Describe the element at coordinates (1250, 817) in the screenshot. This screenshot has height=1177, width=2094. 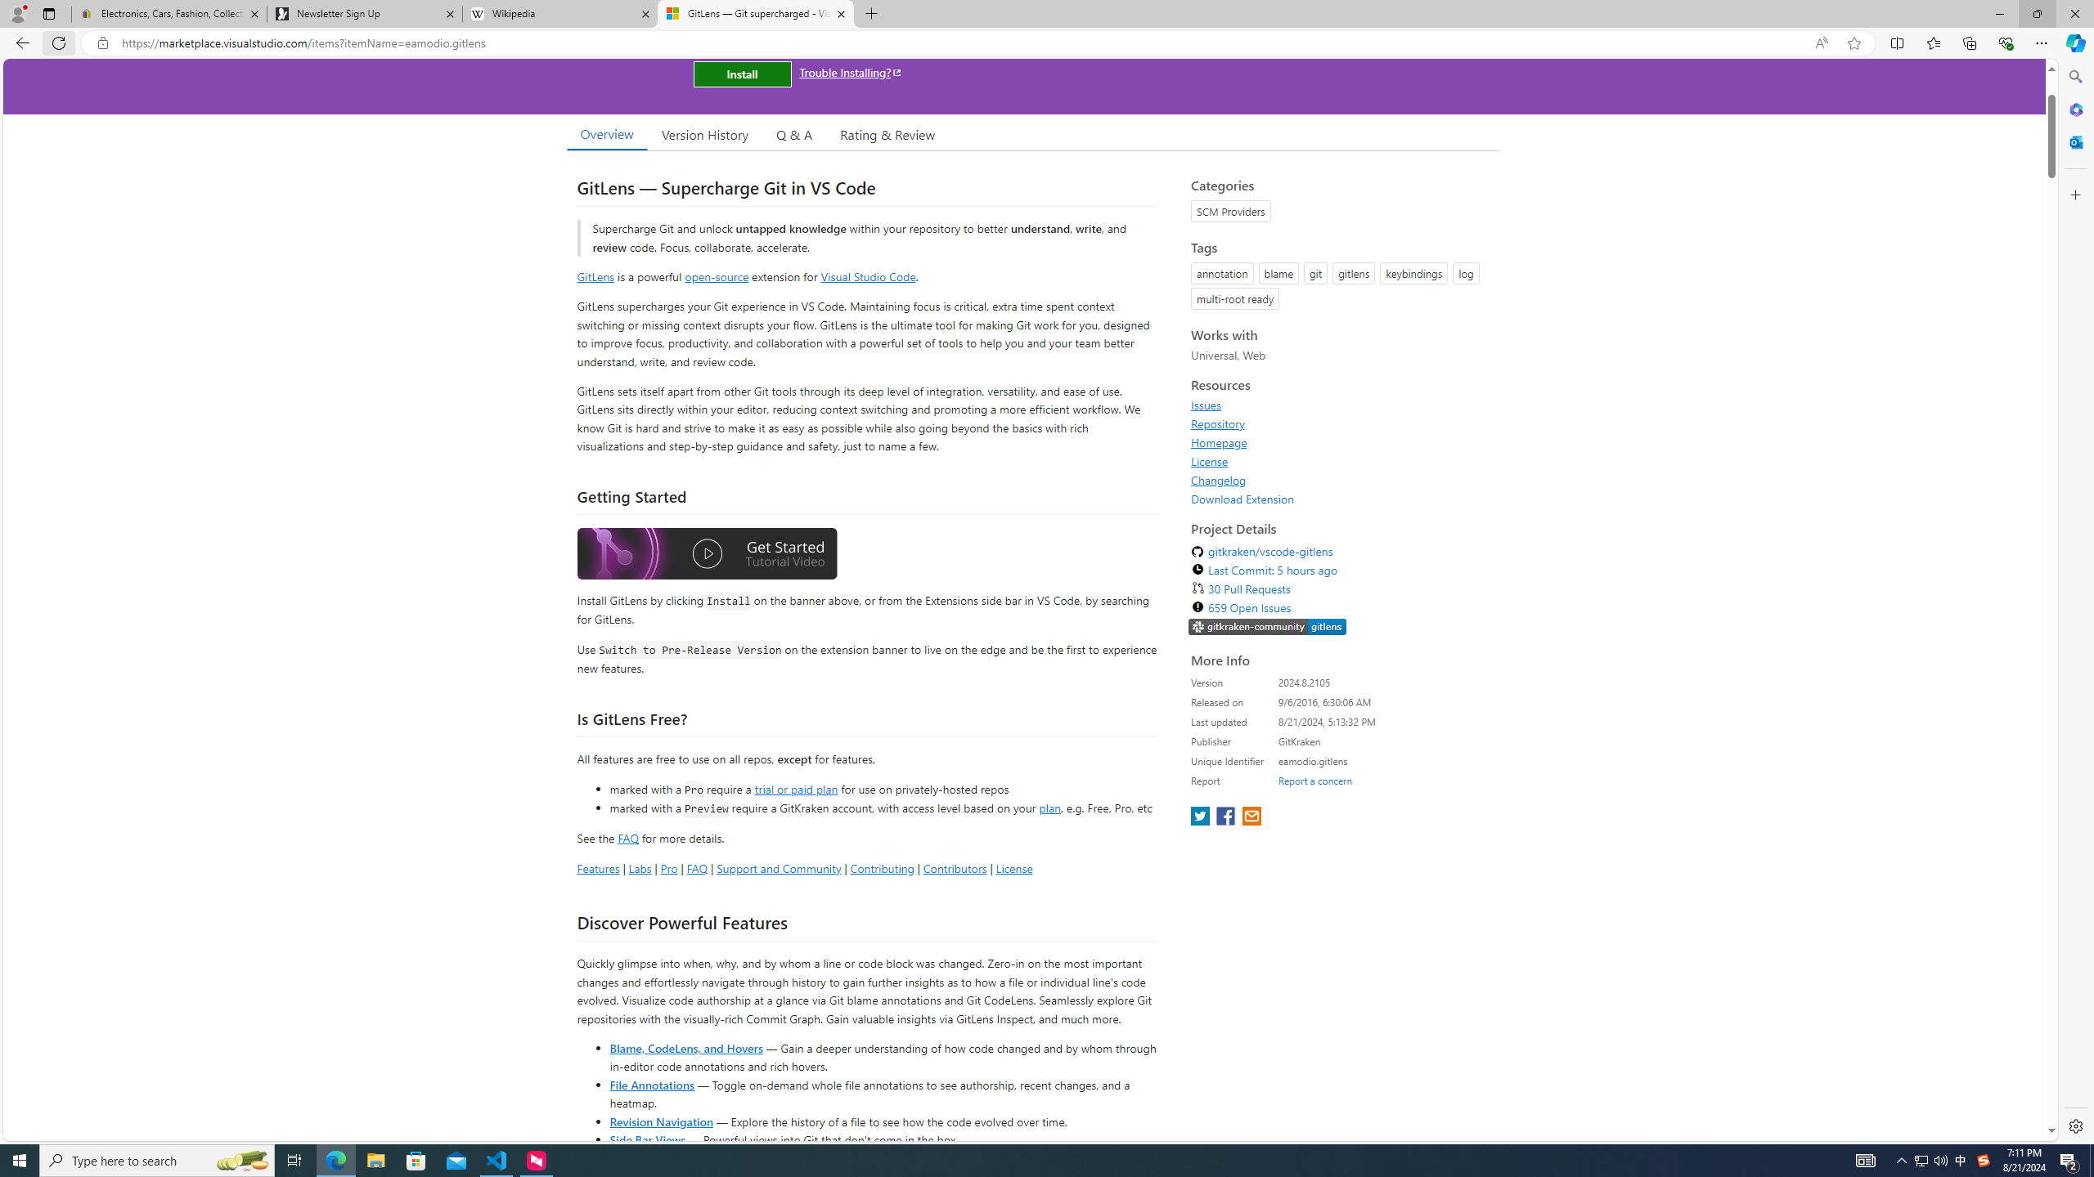
I see `'share extension on email'` at that location.